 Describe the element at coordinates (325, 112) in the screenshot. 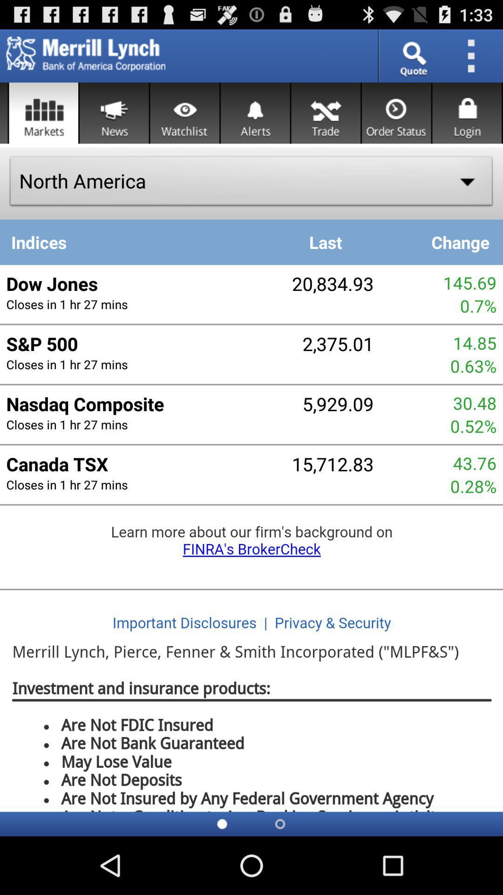

I see `trade` at that location.